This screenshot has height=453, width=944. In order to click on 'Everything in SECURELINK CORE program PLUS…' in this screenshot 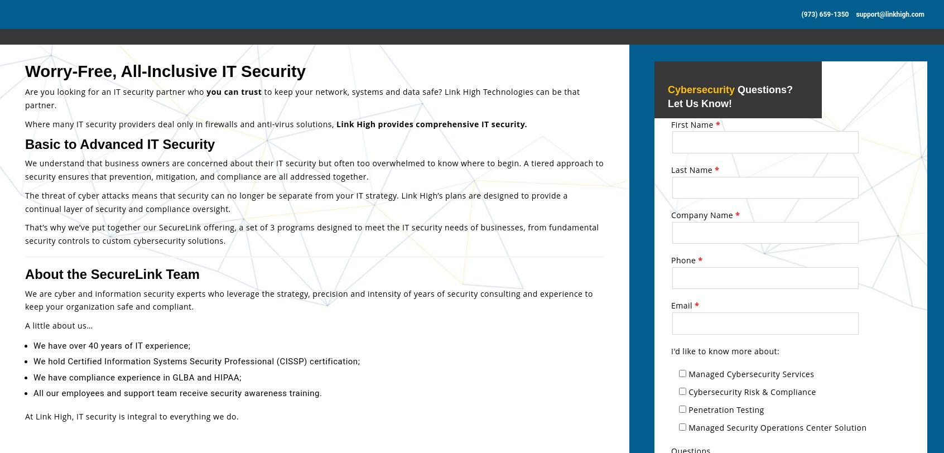, I will do `click(585, 229)`.